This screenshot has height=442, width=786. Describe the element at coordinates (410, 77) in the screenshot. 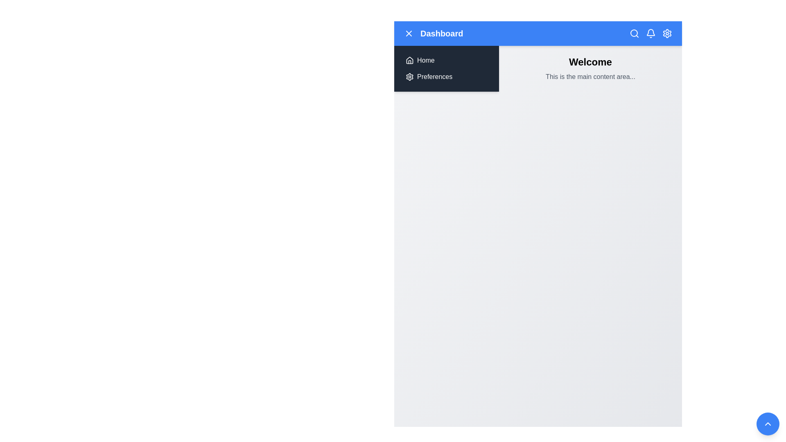

I see `the gear-shaped icon that signifies settings, located to the left of the 'Preferences' text in the dropdown menu under the 'Dashboard' heading` at that location.